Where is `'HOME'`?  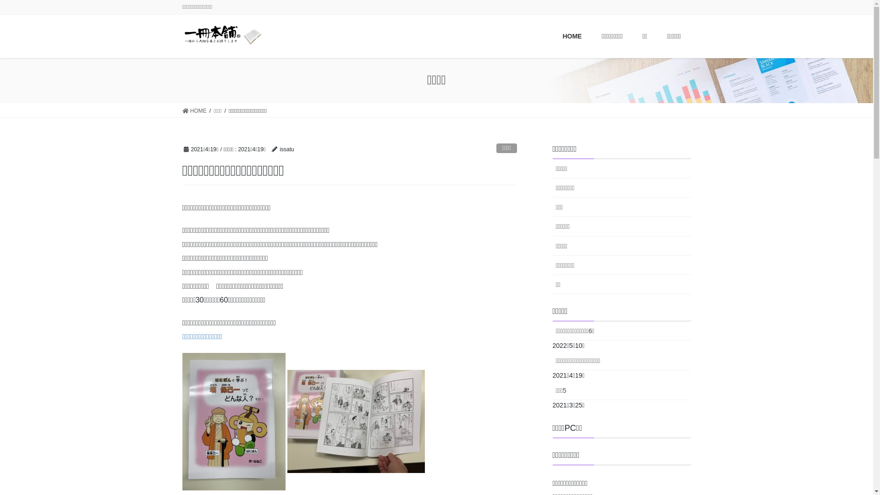 'HOME' is located at coordinates (572, 36).